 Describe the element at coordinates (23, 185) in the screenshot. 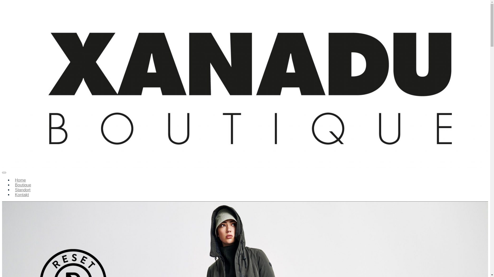

I see `'Boutique'` at that location.